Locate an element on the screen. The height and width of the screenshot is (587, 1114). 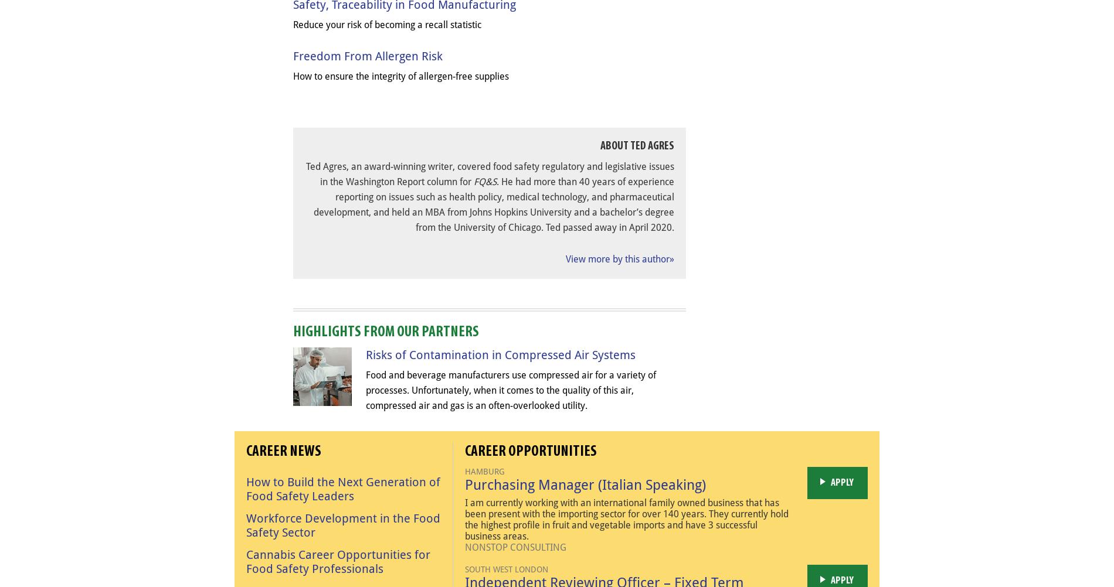
'magazine.' is located at coordinates (558, 316).